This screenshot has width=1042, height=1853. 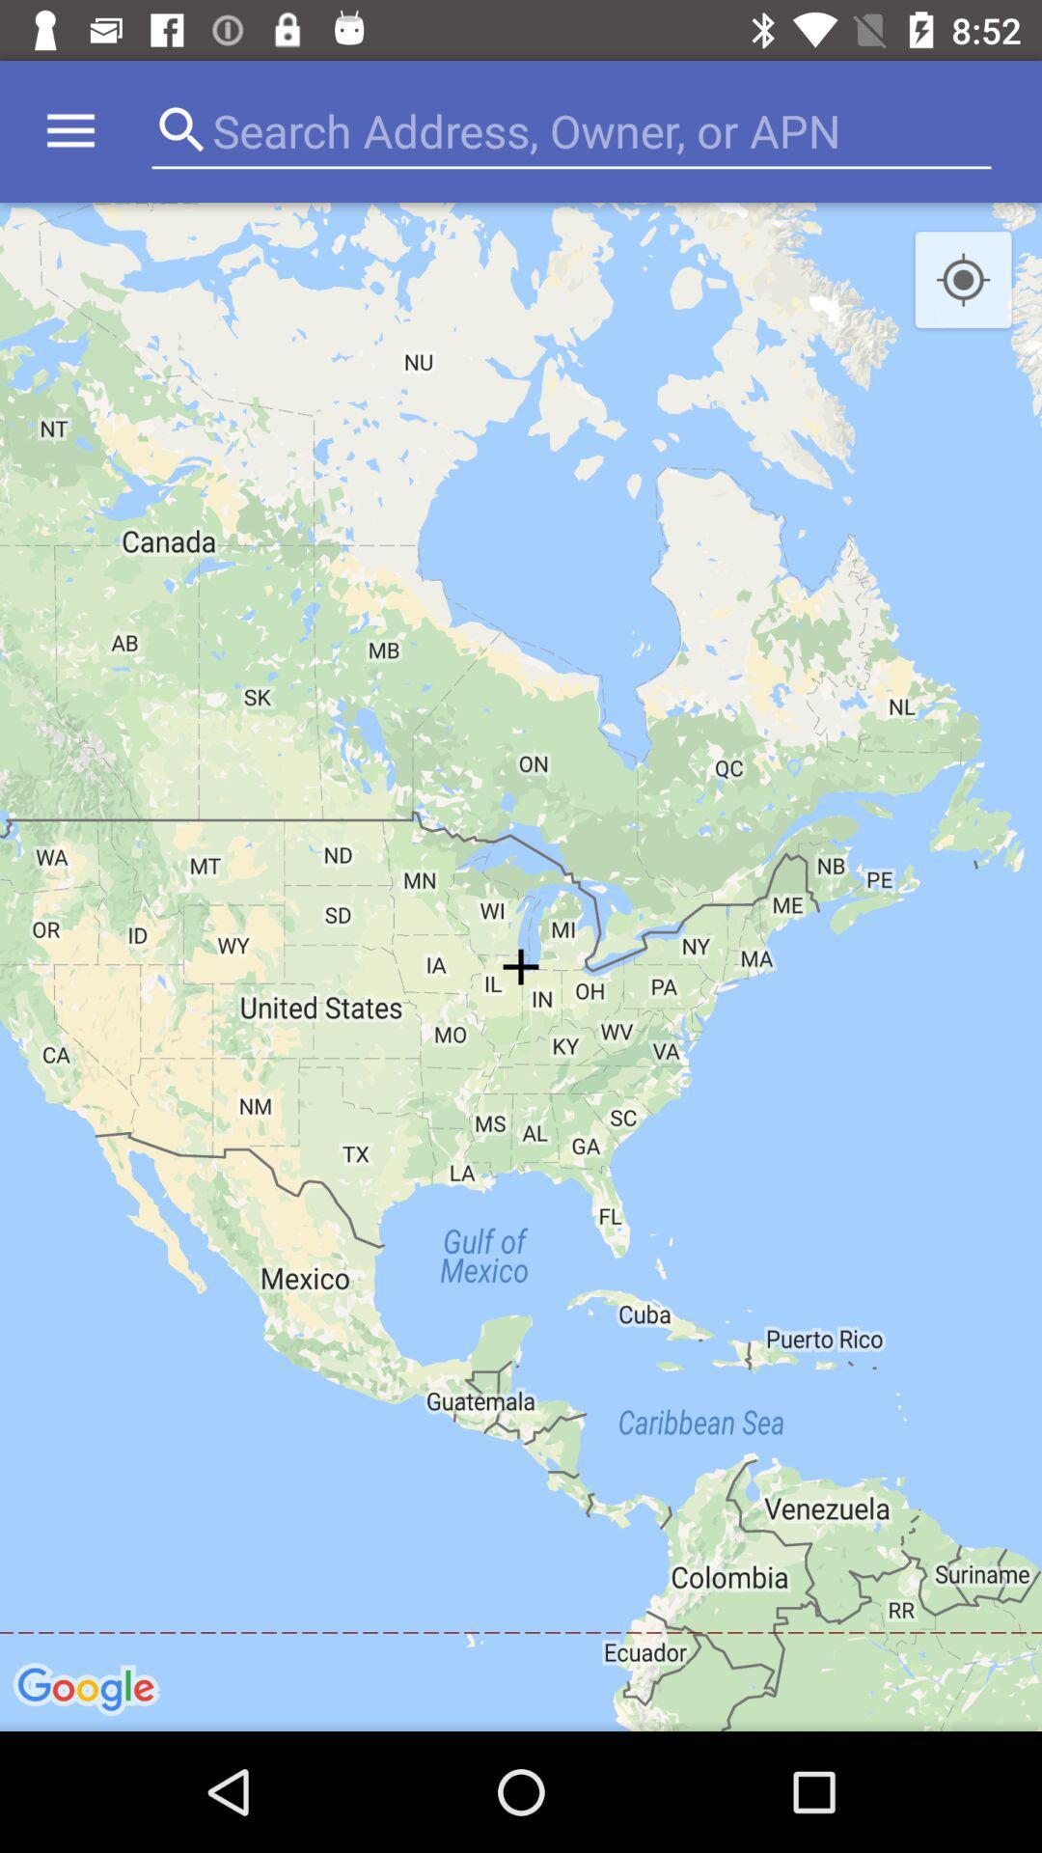 What do you see at coordinates (963, 280) in the screenshot?
I see `the location_crosshair icon` at bounding box center [963, 280].